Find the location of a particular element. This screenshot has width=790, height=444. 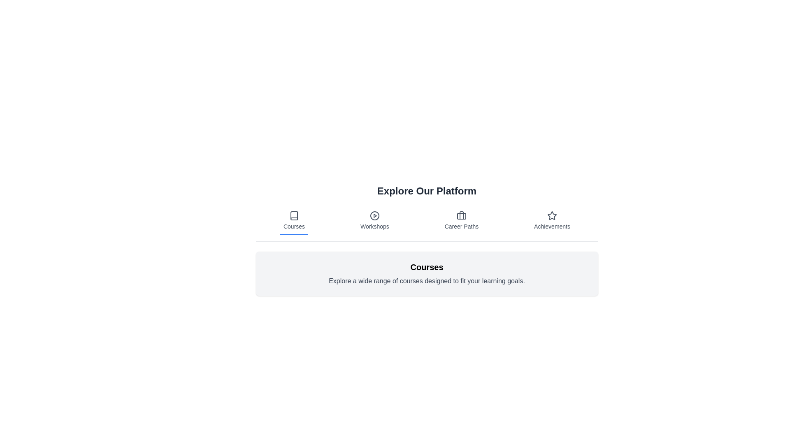

the tab labeled Courses to view its content is located at coordinates (294, 220).